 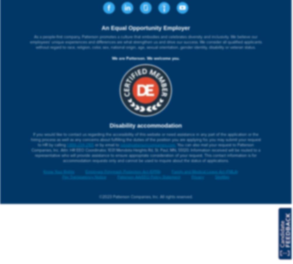 What do you see at coordinates (148, 145) in the screenshot?
I see `'jobs@pattersoncompanies.com.'` at bounding box center [148, 145].